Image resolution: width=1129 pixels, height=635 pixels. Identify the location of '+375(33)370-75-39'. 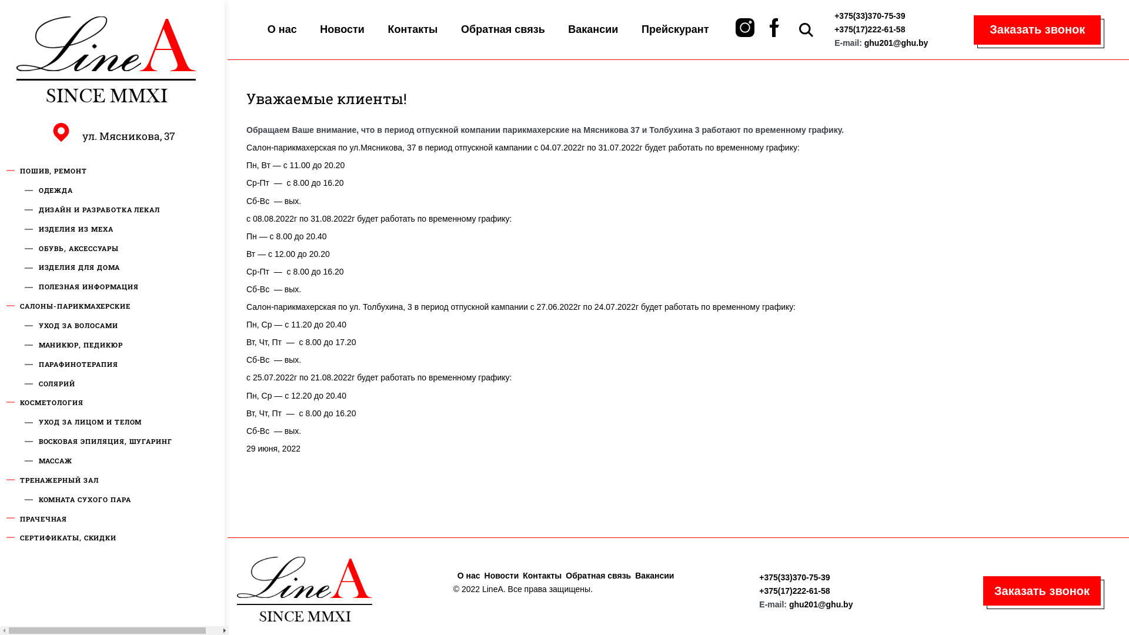
(794, 577).